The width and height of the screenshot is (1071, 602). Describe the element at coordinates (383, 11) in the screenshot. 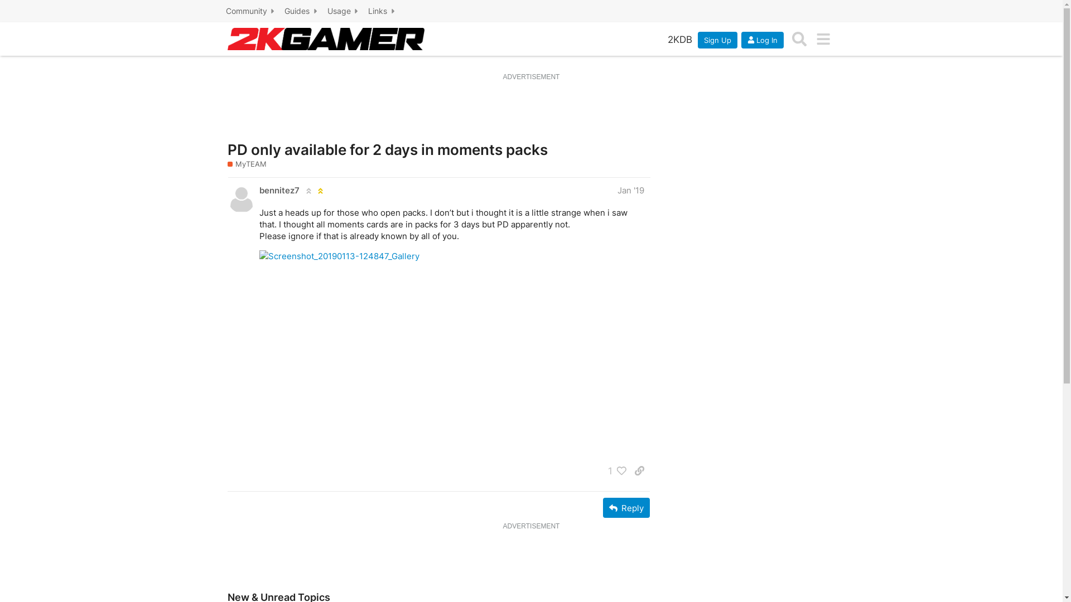

I see `'Links'` at that location.